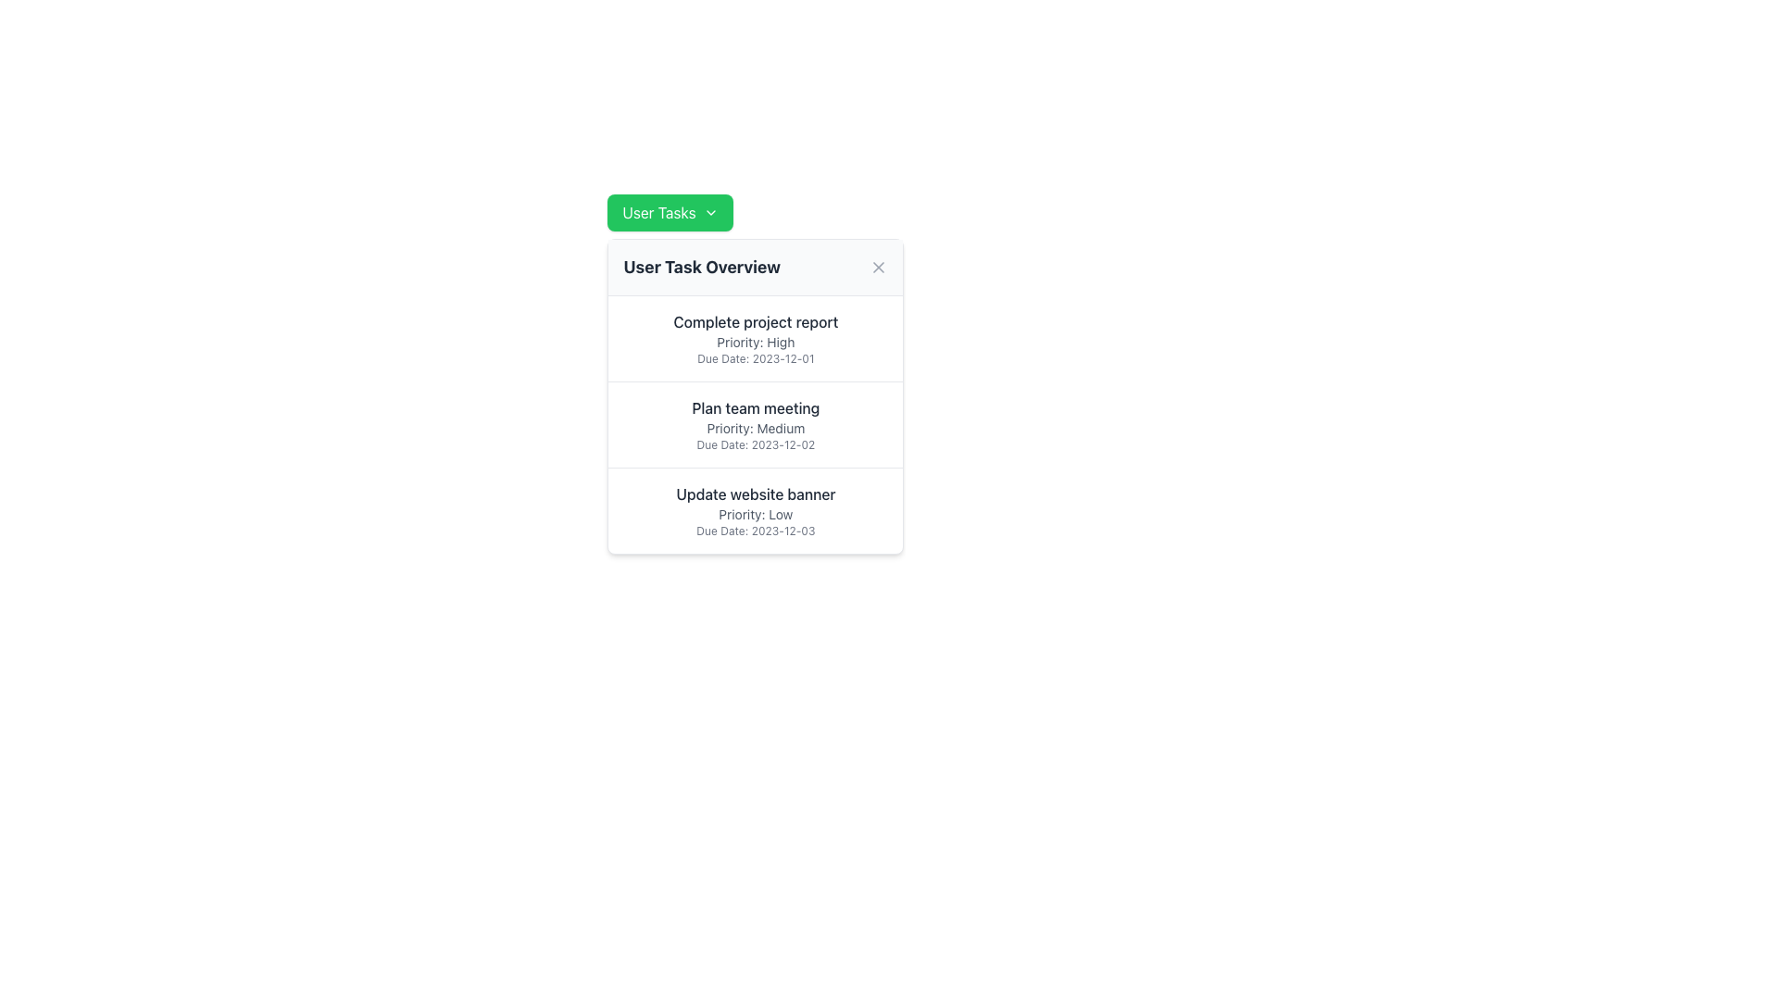 This screenshot has height=1000, width=1778. I want to click on the text label that reads 'Priority: Low', which is positioned beneath the title 'Update website banner' within the User Task Overview panel, so click(756, 514).